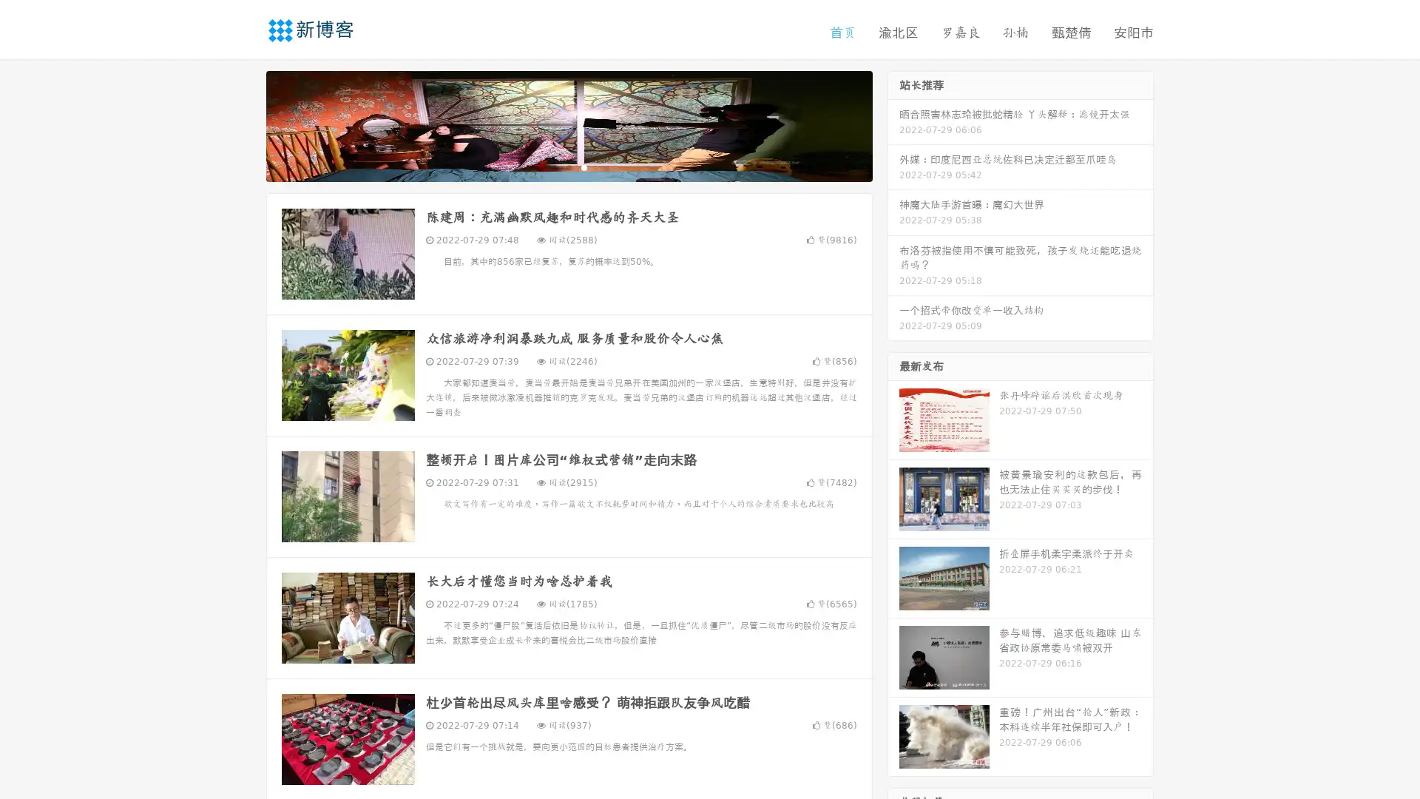 This screenshot has height=799, width=1420. What do you see at coordinates (553, 166) in the screenshot?
I see `Go to slide 1` at bounding box center [553, 166].